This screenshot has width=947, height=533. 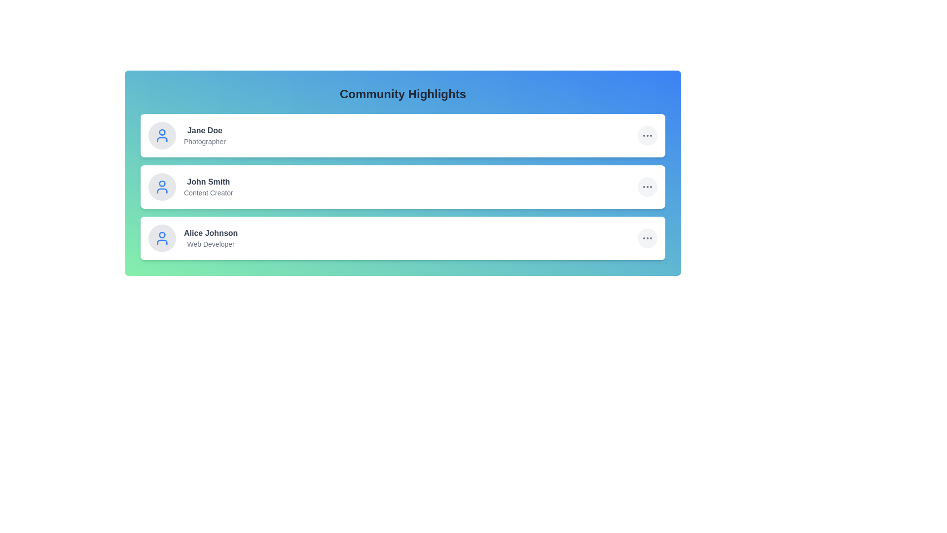 What do you see at coordinates (208, 182) in the screenshot?
I see `text 'John Smith' displayed in bold within the second item of the user profiles list in the community highlights section` at bounding box center [208, 182].